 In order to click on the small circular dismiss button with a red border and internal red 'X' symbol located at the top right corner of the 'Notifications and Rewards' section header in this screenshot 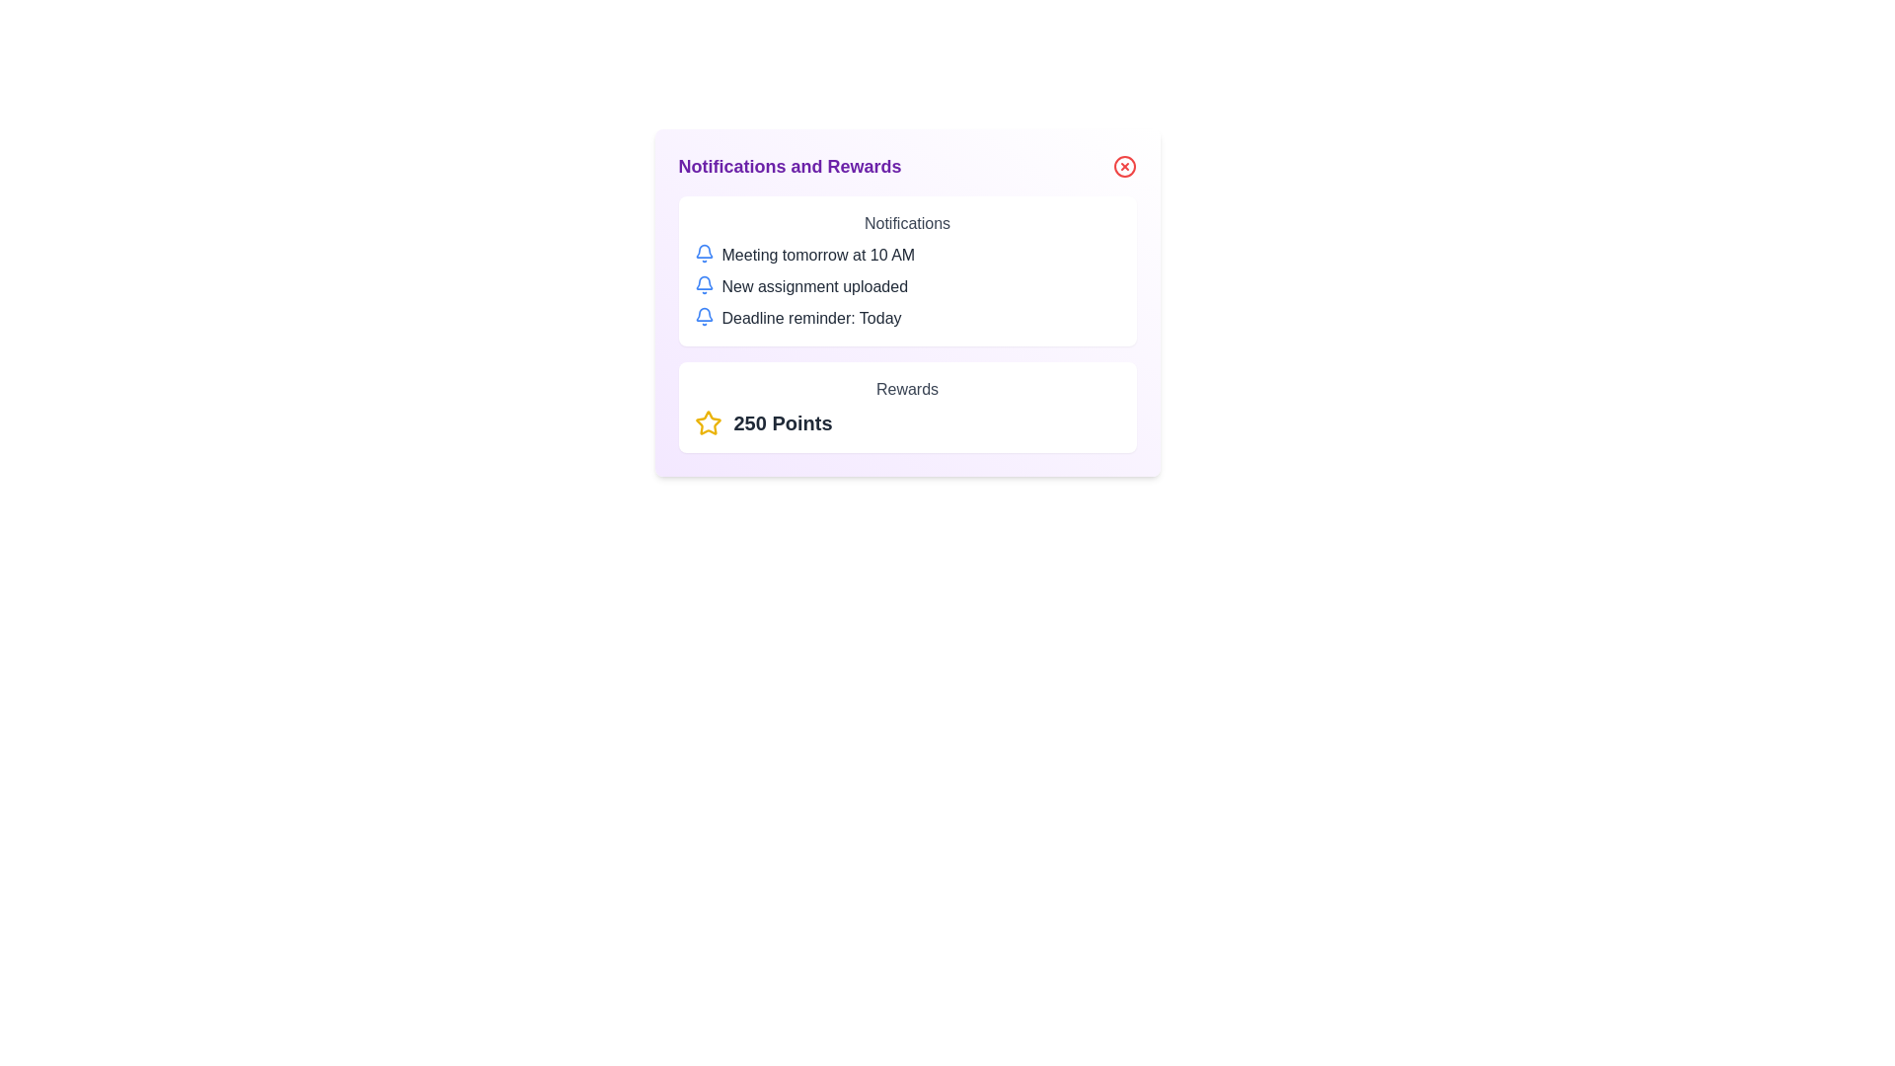, I will do `click(1124, 166)`.